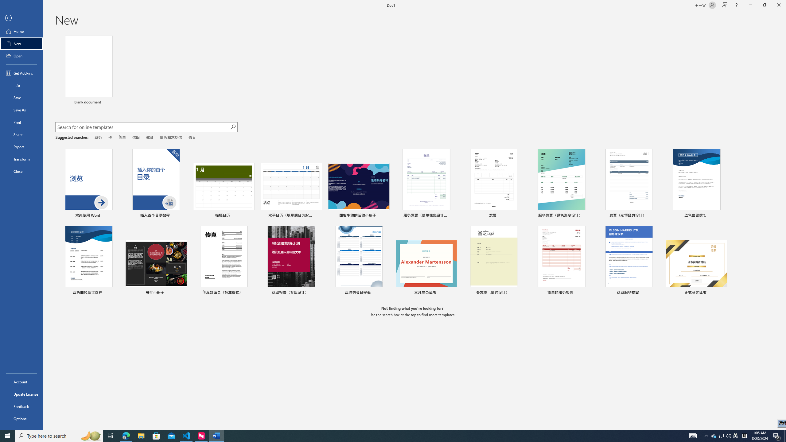 This screenshot has width=786, height=442. Describe the element at coordinates (142, 127) in the screenshot. I see `'Search for online templates'` at that location.